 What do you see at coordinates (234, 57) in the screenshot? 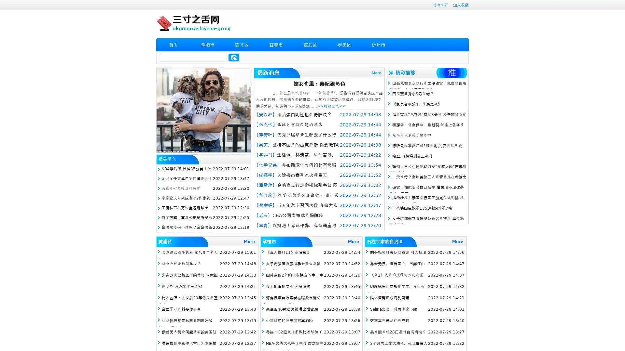
I see `Search` at bounding box center [234, 57].